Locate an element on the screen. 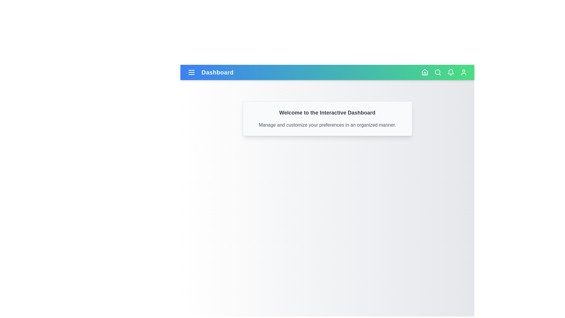 This screenshot has height=318, width=565. the bell icon to view notifications is located at coordinates (450, 72).